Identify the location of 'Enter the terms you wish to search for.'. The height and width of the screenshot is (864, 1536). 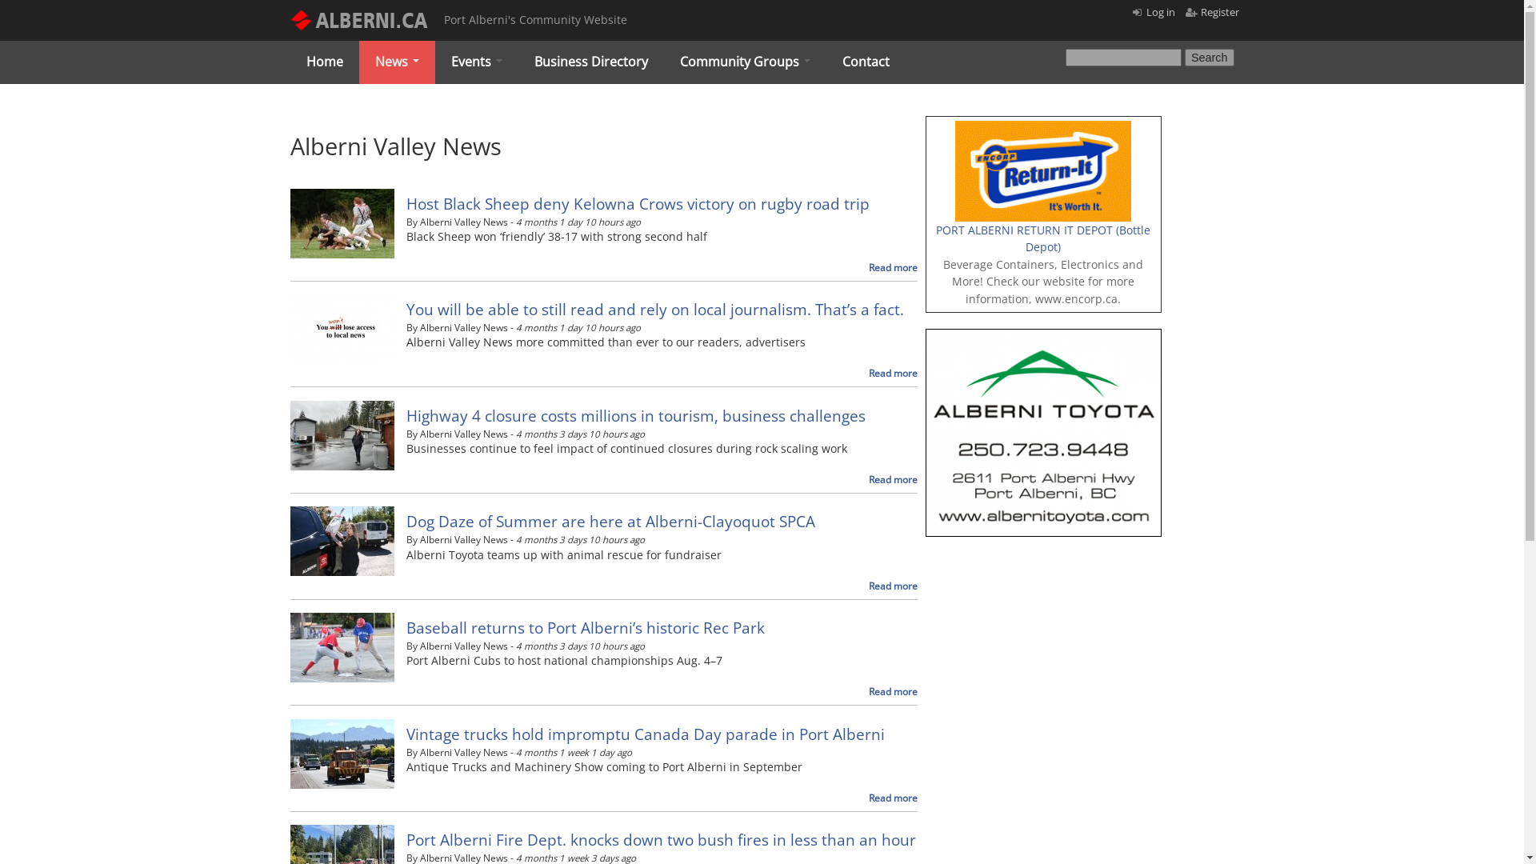
(1122, 57).